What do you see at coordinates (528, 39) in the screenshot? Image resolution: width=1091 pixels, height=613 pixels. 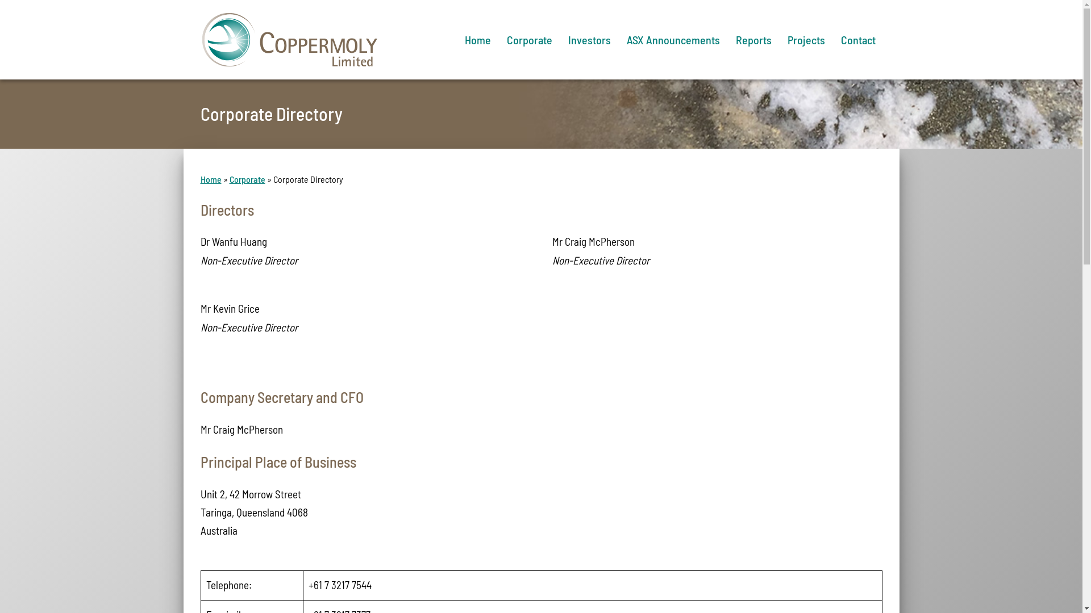 I see `'Corporate'` at bounding box center [528, 39].